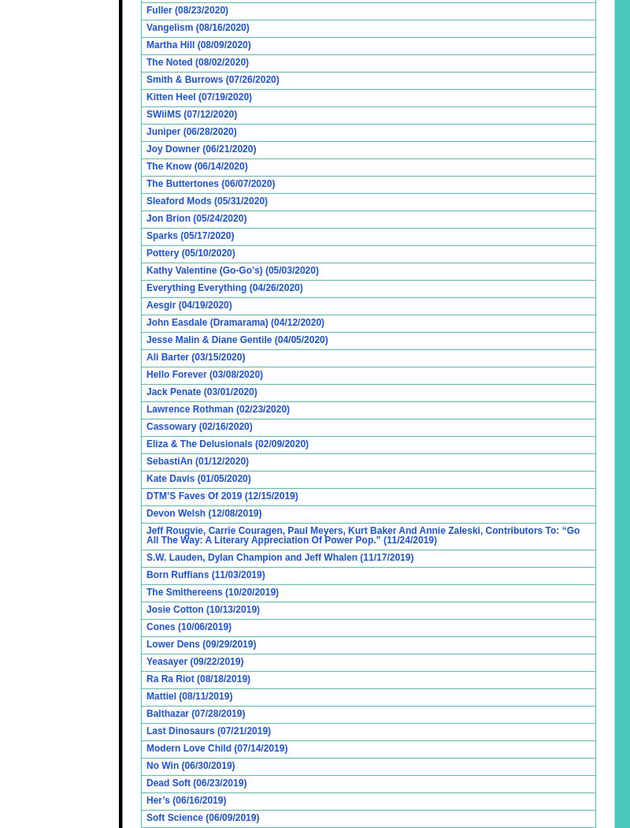  What do you see at coordinates (146, 643) in the screenshot?
I see `'Lower Dens (09/29/2019)'` at bounding box center [146, 643].